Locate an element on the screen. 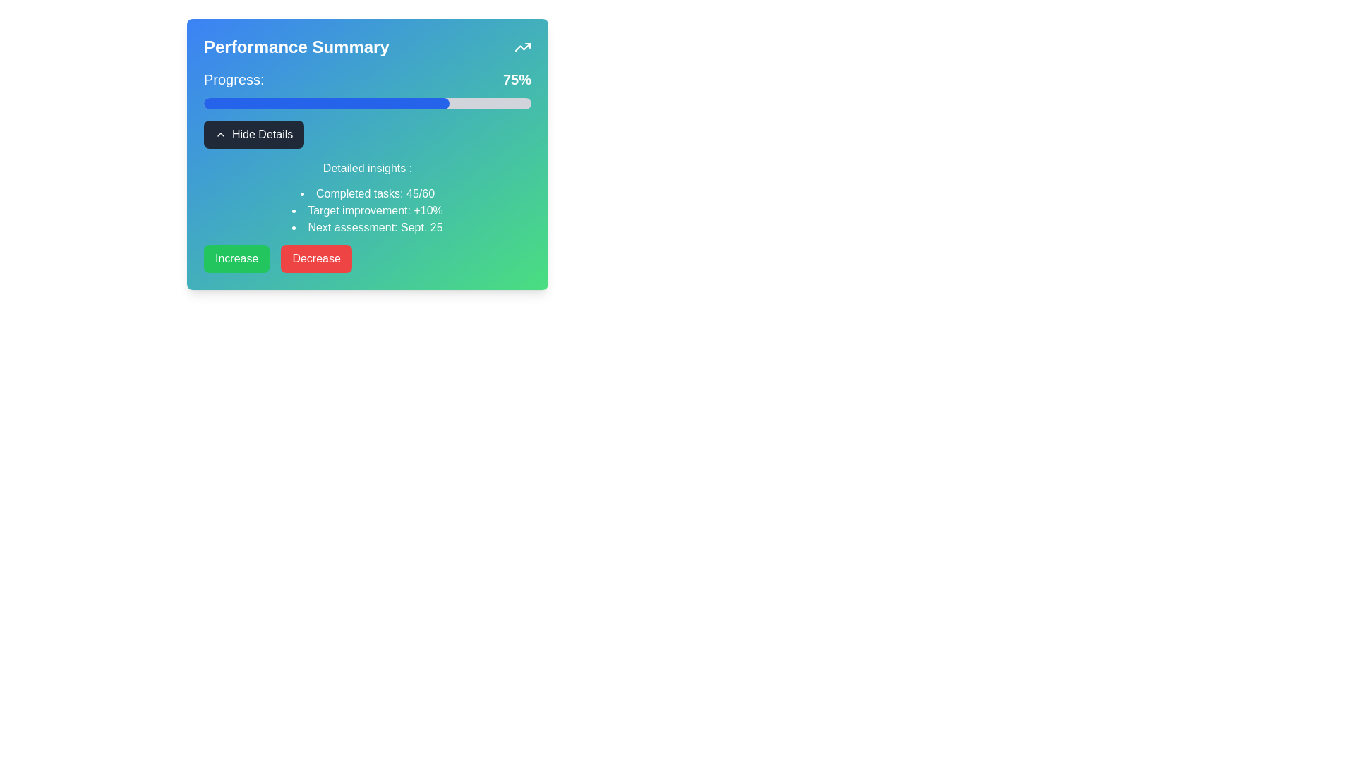 This screenshot has height=762, width=1355. the text label displaying 'Progress:' which is styled with a large font size and white color, located at the top-left area of the performance summary widget is located at coordinates (234, 79).